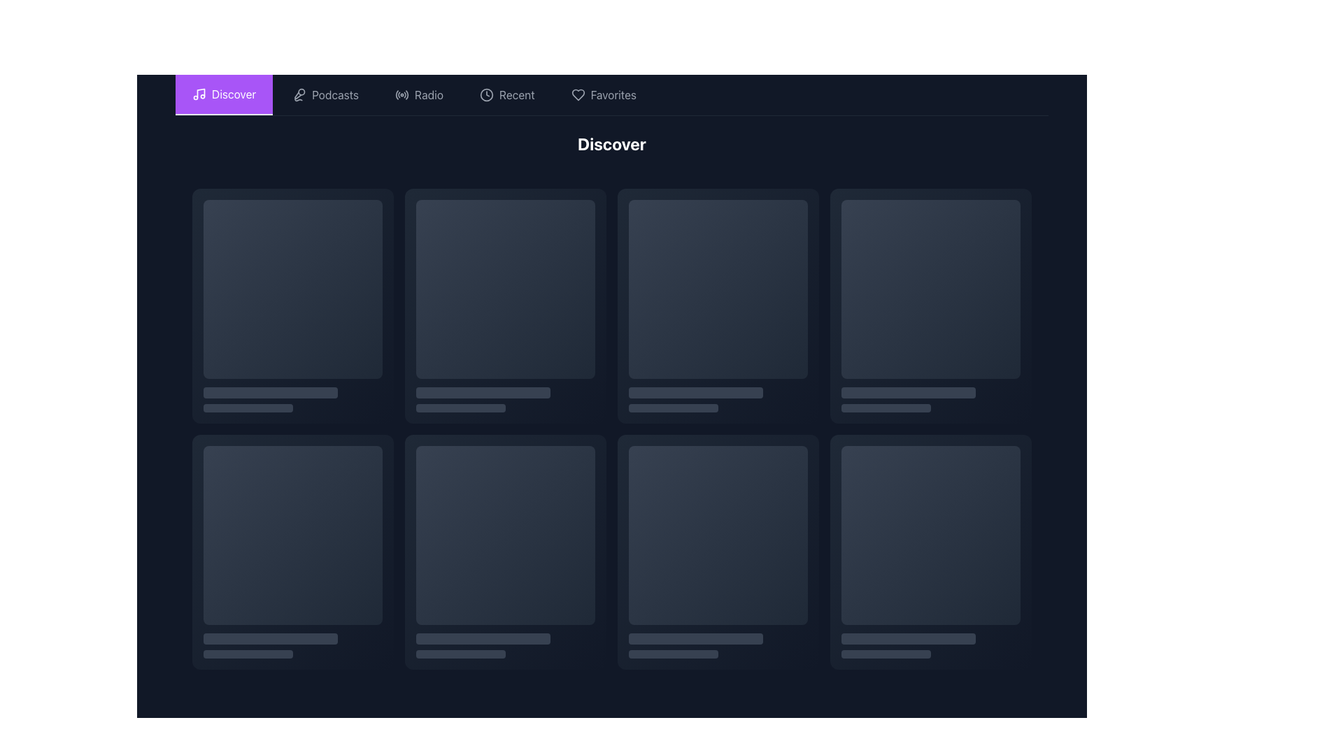 The width and height of the screenshot is (1343, 755). I want to click on the first UI Card or Content Placeholder in the grid layout by hovering over it to trigger hover effects, so click(292, 305).